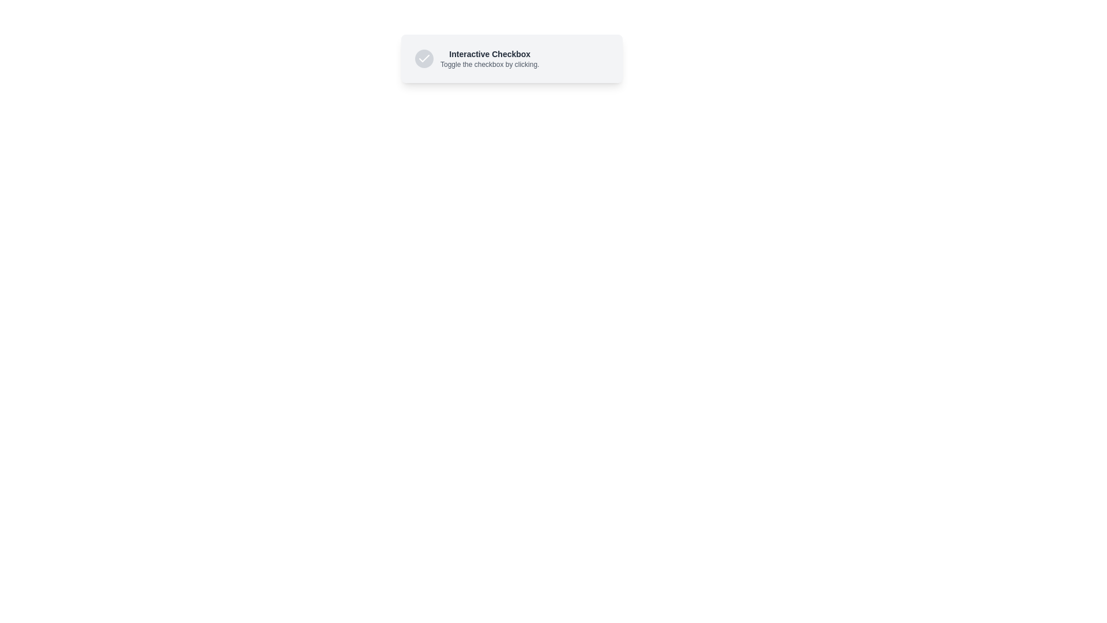 Image resolution: width=1107 pixels, height=623 pixels. What do you see at coordinates (490, 58) in the screenshot?
I see `the 'Interactive Checkbox' text label, which consists of a larger bolded text and a smaller lighter description, located on a light background panel adjacent to the interactive checkbox` at bounding box center [490, 58].